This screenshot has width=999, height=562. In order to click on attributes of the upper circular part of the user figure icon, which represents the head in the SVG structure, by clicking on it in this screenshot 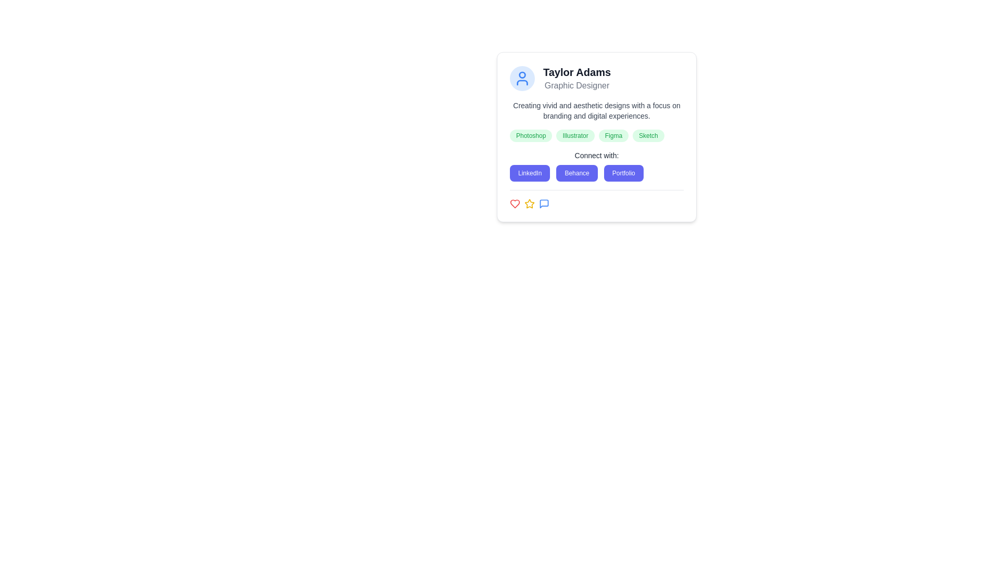, I will do `click(522, 74)`.